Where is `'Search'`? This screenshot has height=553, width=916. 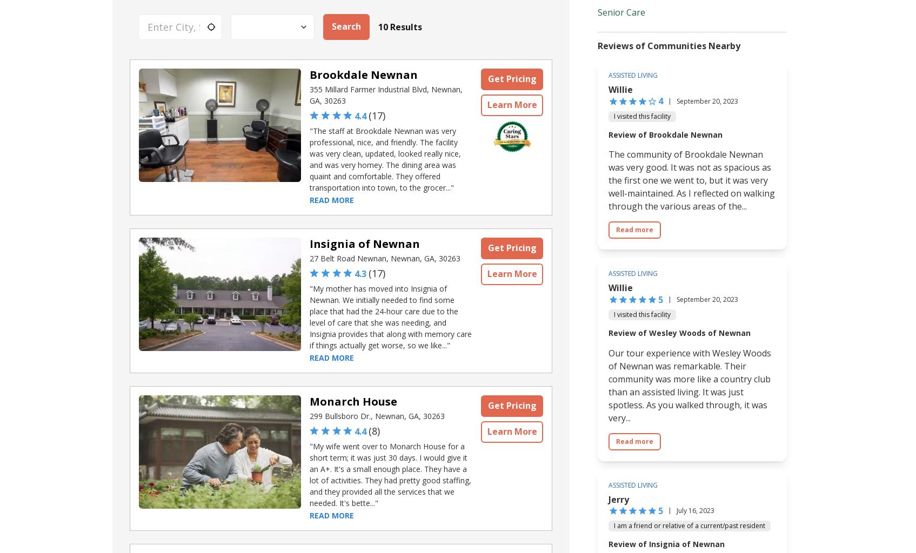 'Search' is located at coordinates (345, 26).